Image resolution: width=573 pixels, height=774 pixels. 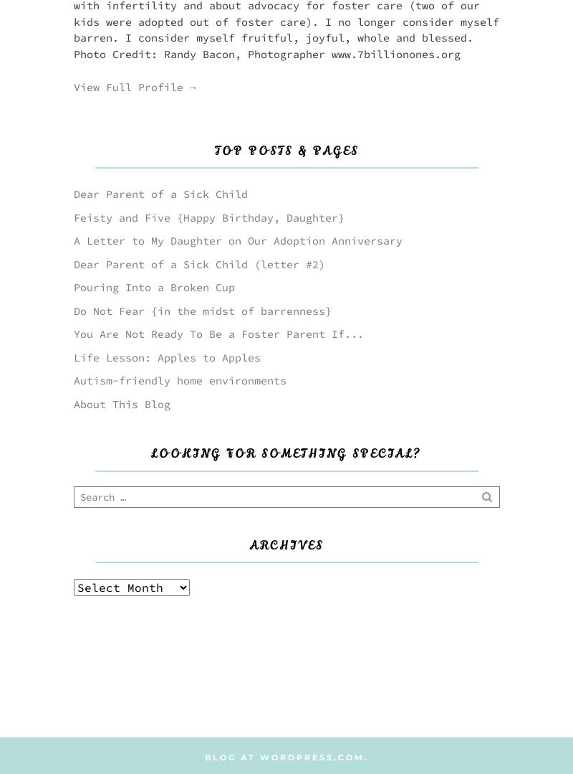 What do you see at coordinates (72, 194) in the screenshot?
I see `'Dear Parent of a Sick Child'` at bounding box center [72, 194].